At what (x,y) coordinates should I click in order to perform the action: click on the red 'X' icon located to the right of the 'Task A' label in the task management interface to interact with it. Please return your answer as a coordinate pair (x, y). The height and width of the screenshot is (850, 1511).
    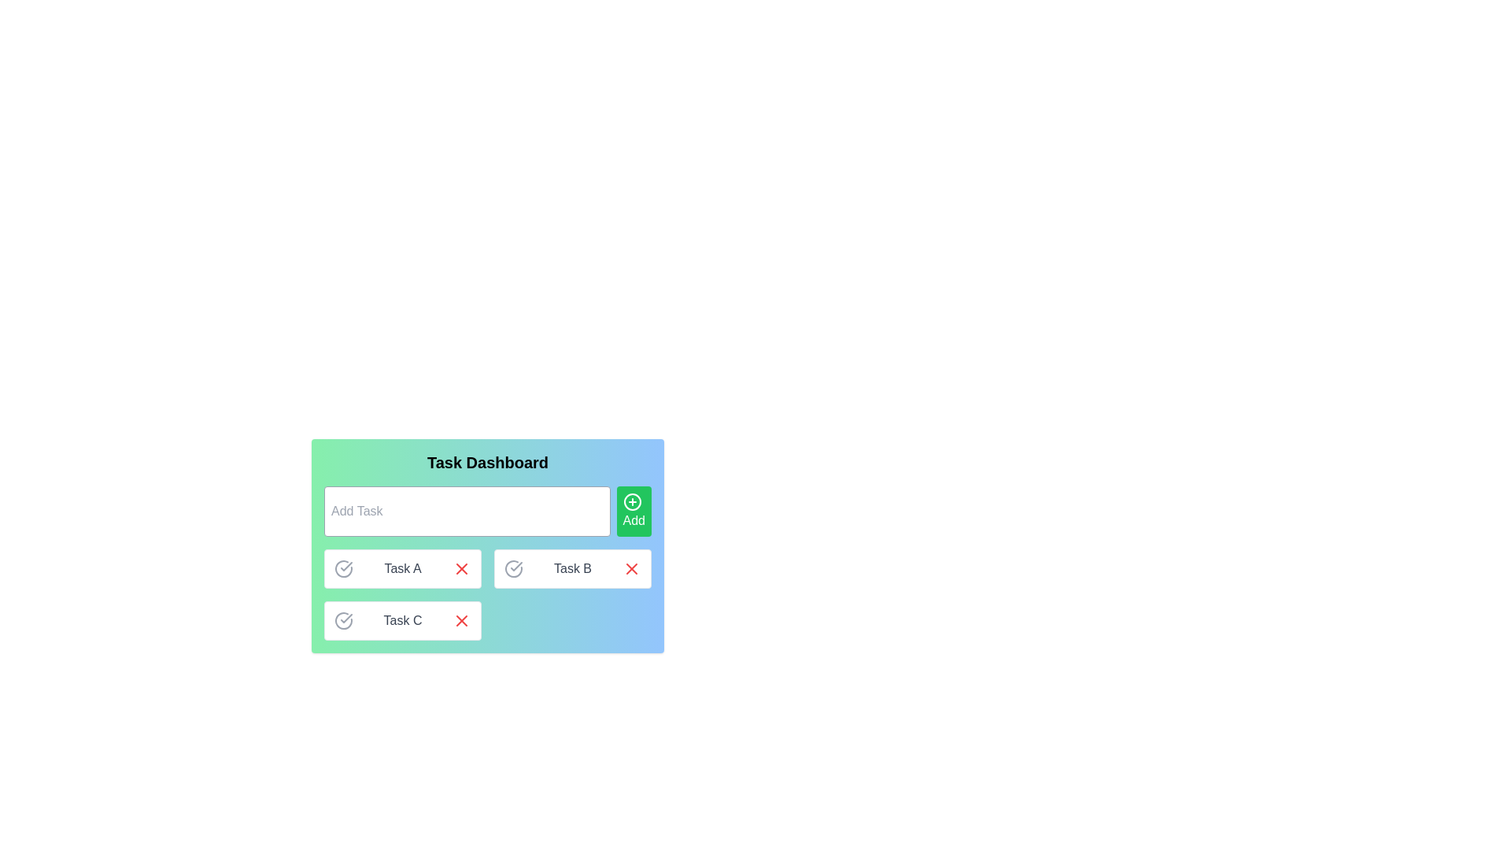
    Looking at the image, I should click on (460, 568).